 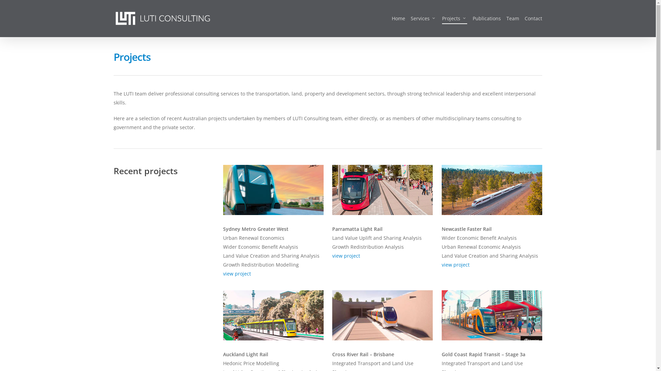 I want to click on 'Publications', so click(x=486, y=18).